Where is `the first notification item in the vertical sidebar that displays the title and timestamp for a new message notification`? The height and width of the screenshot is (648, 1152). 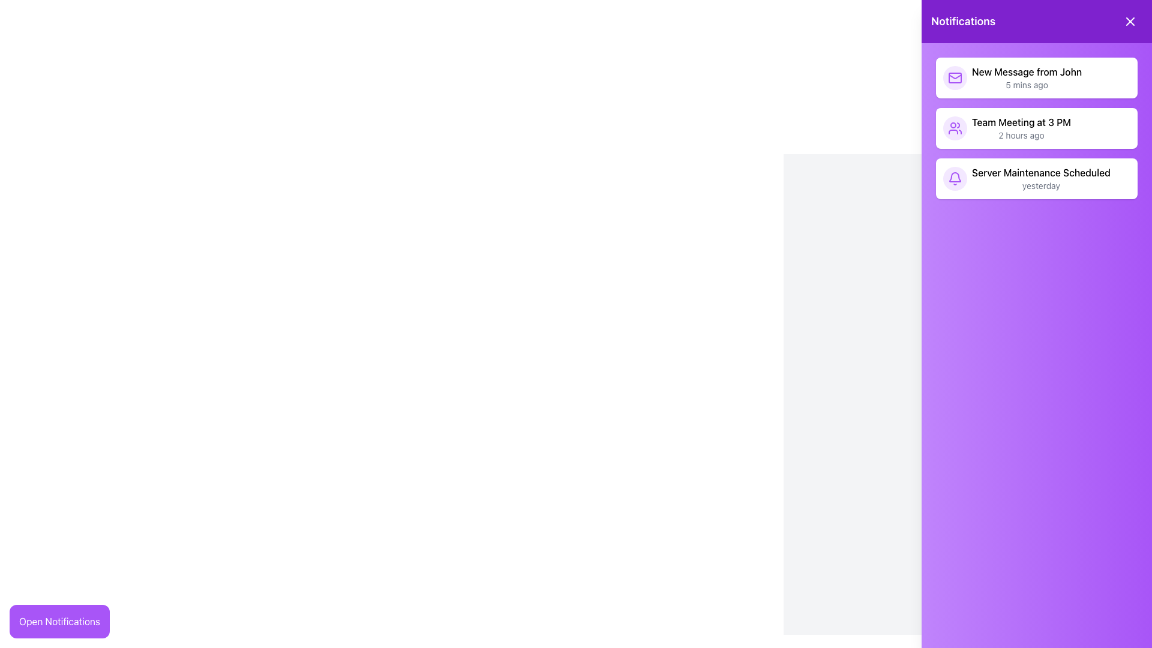
the first notification item in the vertical sidebar that displays the title and timestamp for a new message notification is located at coordinates (1026, 78).